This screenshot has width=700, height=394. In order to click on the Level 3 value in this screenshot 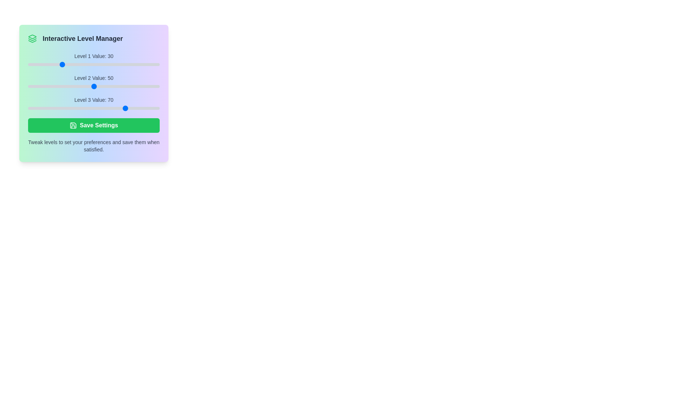, I will do `click(100, 108)`.